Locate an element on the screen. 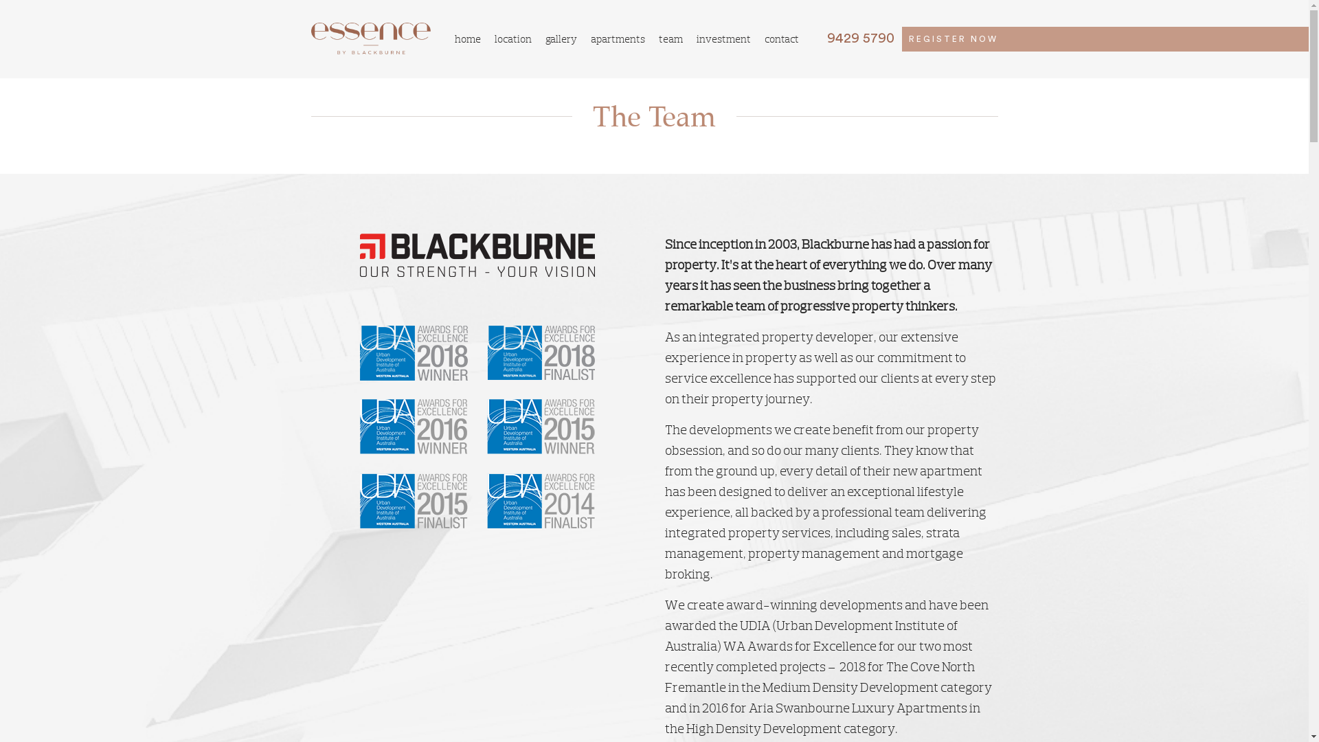 The height and width of the screenshot is (742, 1319). 'apartments' is located at coordinates (617, 38).